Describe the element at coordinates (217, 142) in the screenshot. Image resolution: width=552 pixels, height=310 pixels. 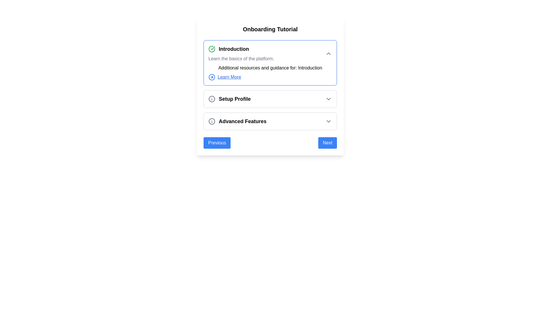
I see `the 'Previous' button, a rectangular button with rounded edges, solid blue color, and white text centered` at that location.